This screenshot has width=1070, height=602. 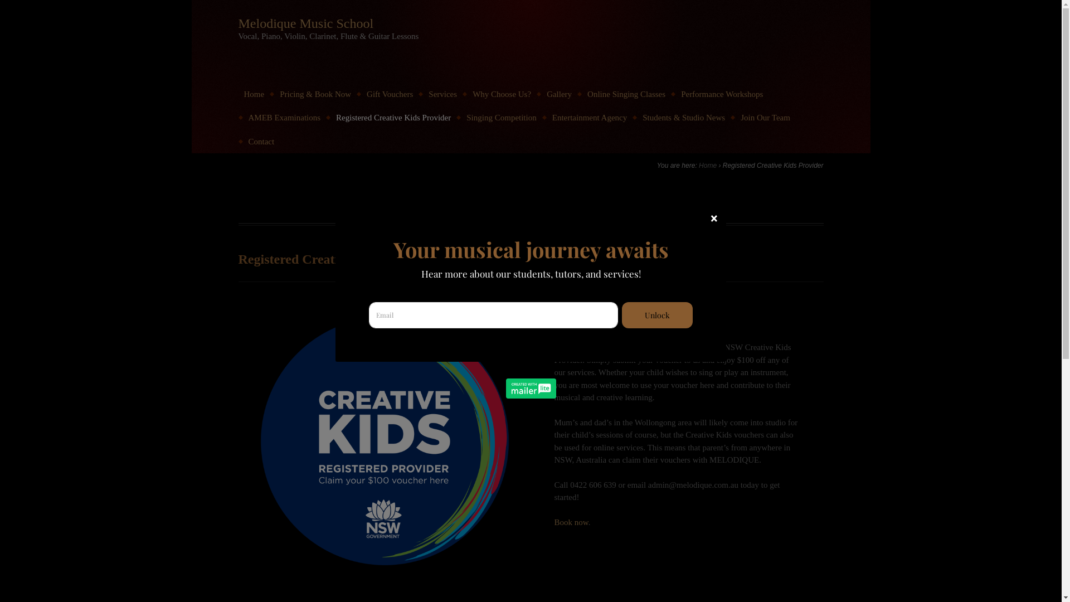 What do you see at coordinates (735, 118) in the screenshot?
I see `'Join Our Team'` at bounding box center [735, 118].